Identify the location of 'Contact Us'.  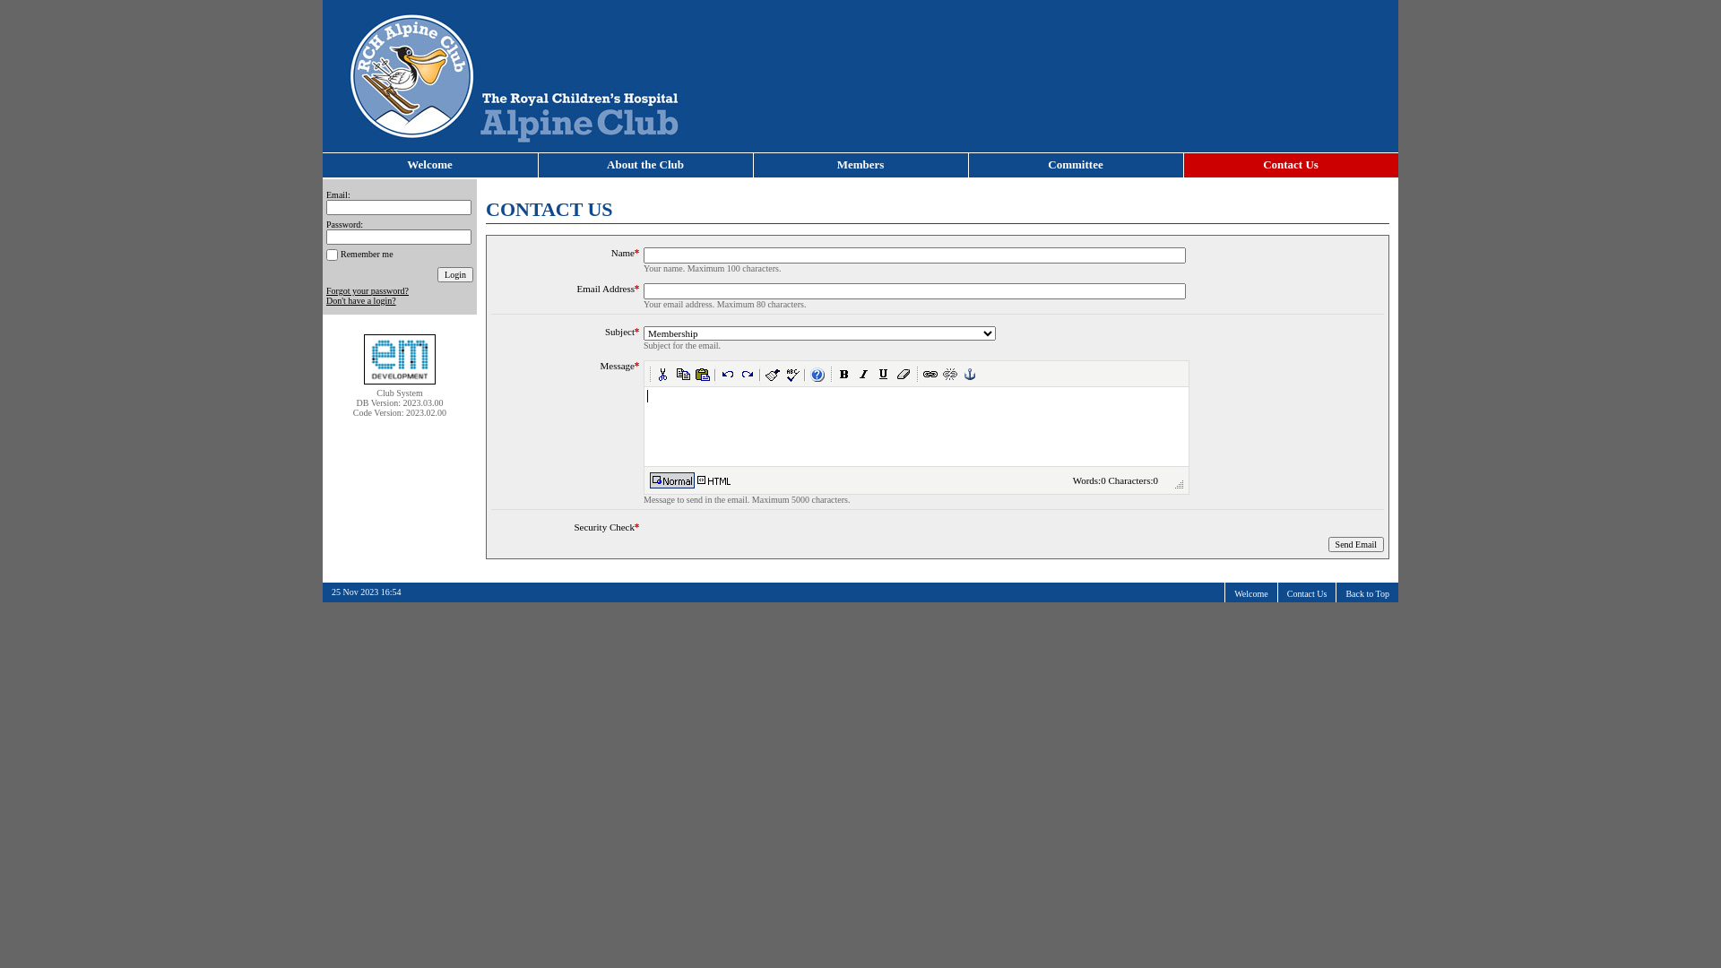
(1307, 593).